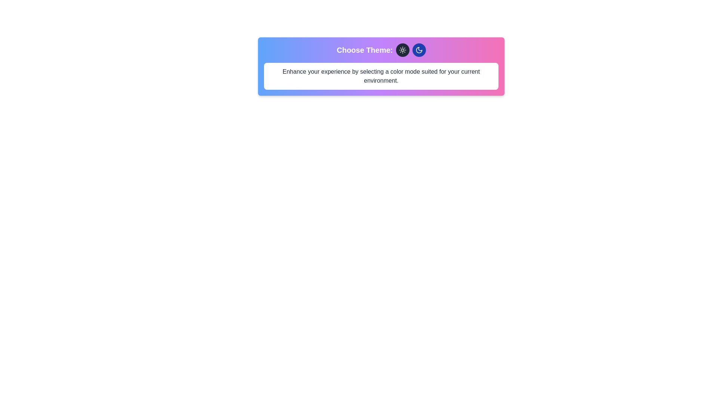  I want to click on the text element that reads 'Enhance your experience by selecting a color mode suited for your current environment.', so click(381, 76).